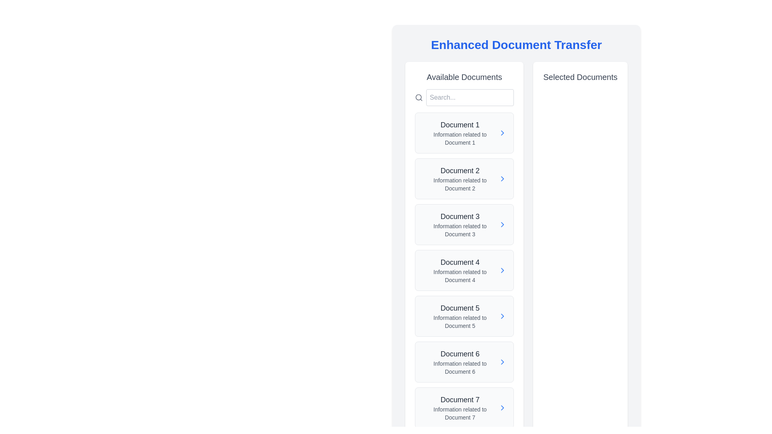 The height and width of the screenshot is (434, 772). I want to click on the rightward-pointing chevron icon within the 'Document 4' list item in the 'Available Documents' section, so click(502, 270).